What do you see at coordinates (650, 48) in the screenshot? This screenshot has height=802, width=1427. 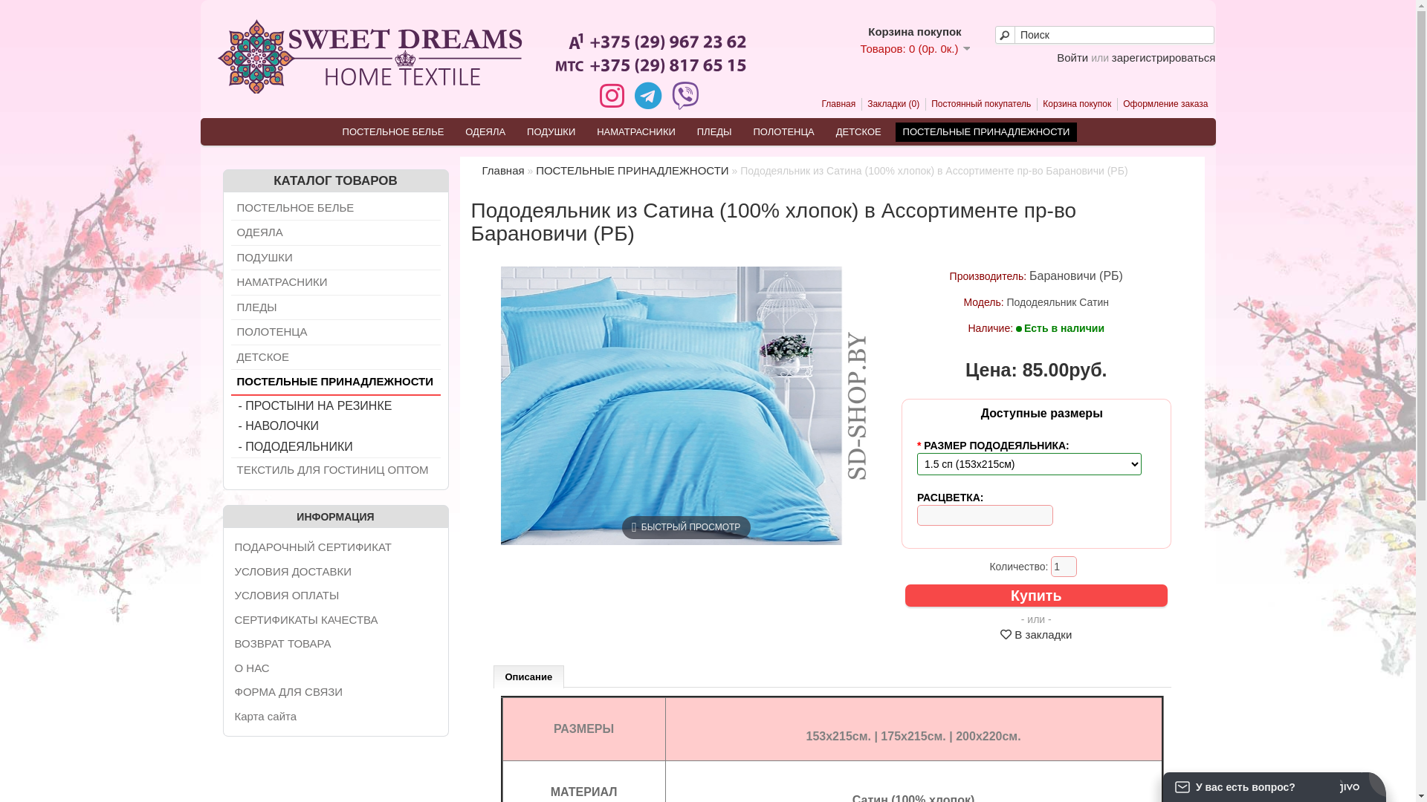 I see `'+37529 967 23 62'` at bounding box center [650, 48].